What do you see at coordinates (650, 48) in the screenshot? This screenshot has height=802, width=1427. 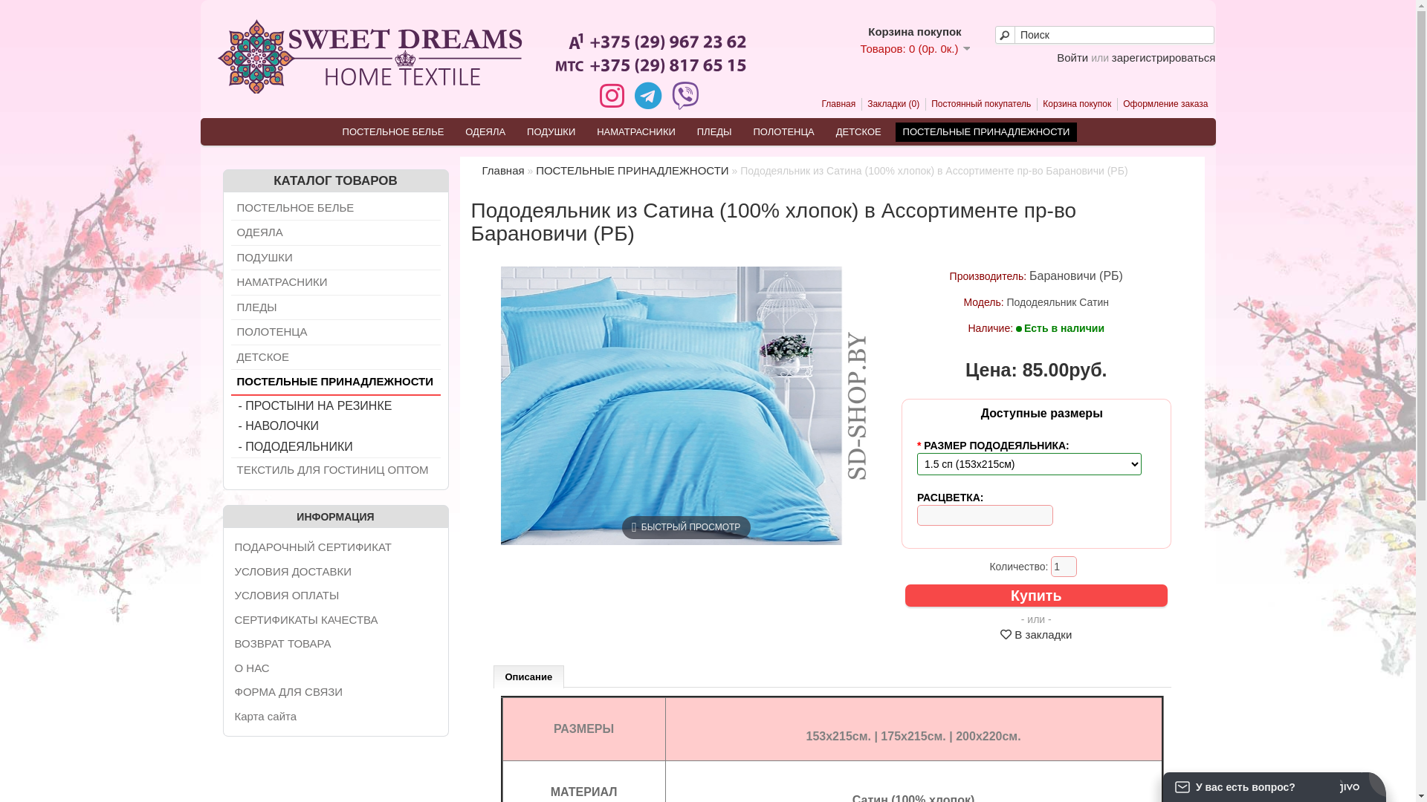 I see `'+37529 967 23 62'` at bounding box center [650, 48].